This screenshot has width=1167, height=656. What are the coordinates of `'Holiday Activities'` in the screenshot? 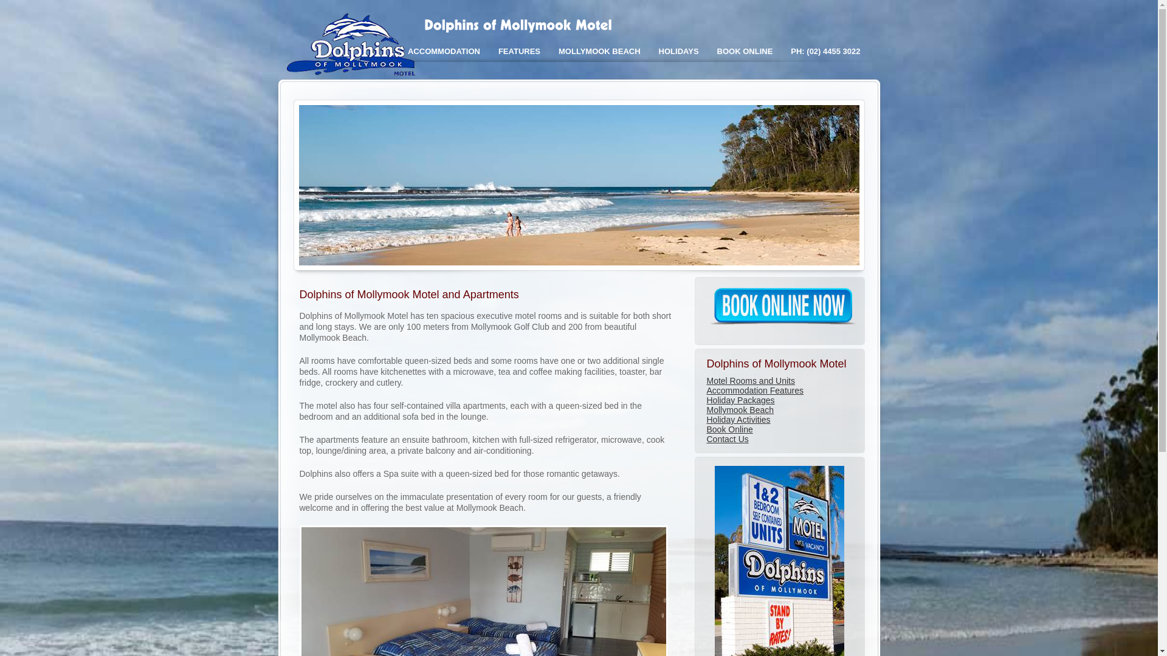 It's located at (706, 419).